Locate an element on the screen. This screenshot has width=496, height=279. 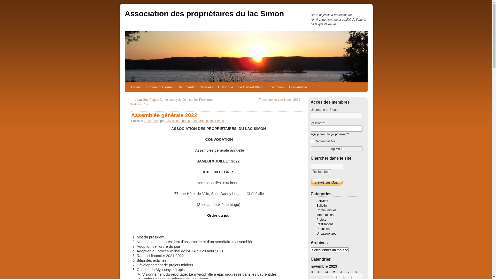
'Log Me In' is located at coordinates (336, 149).